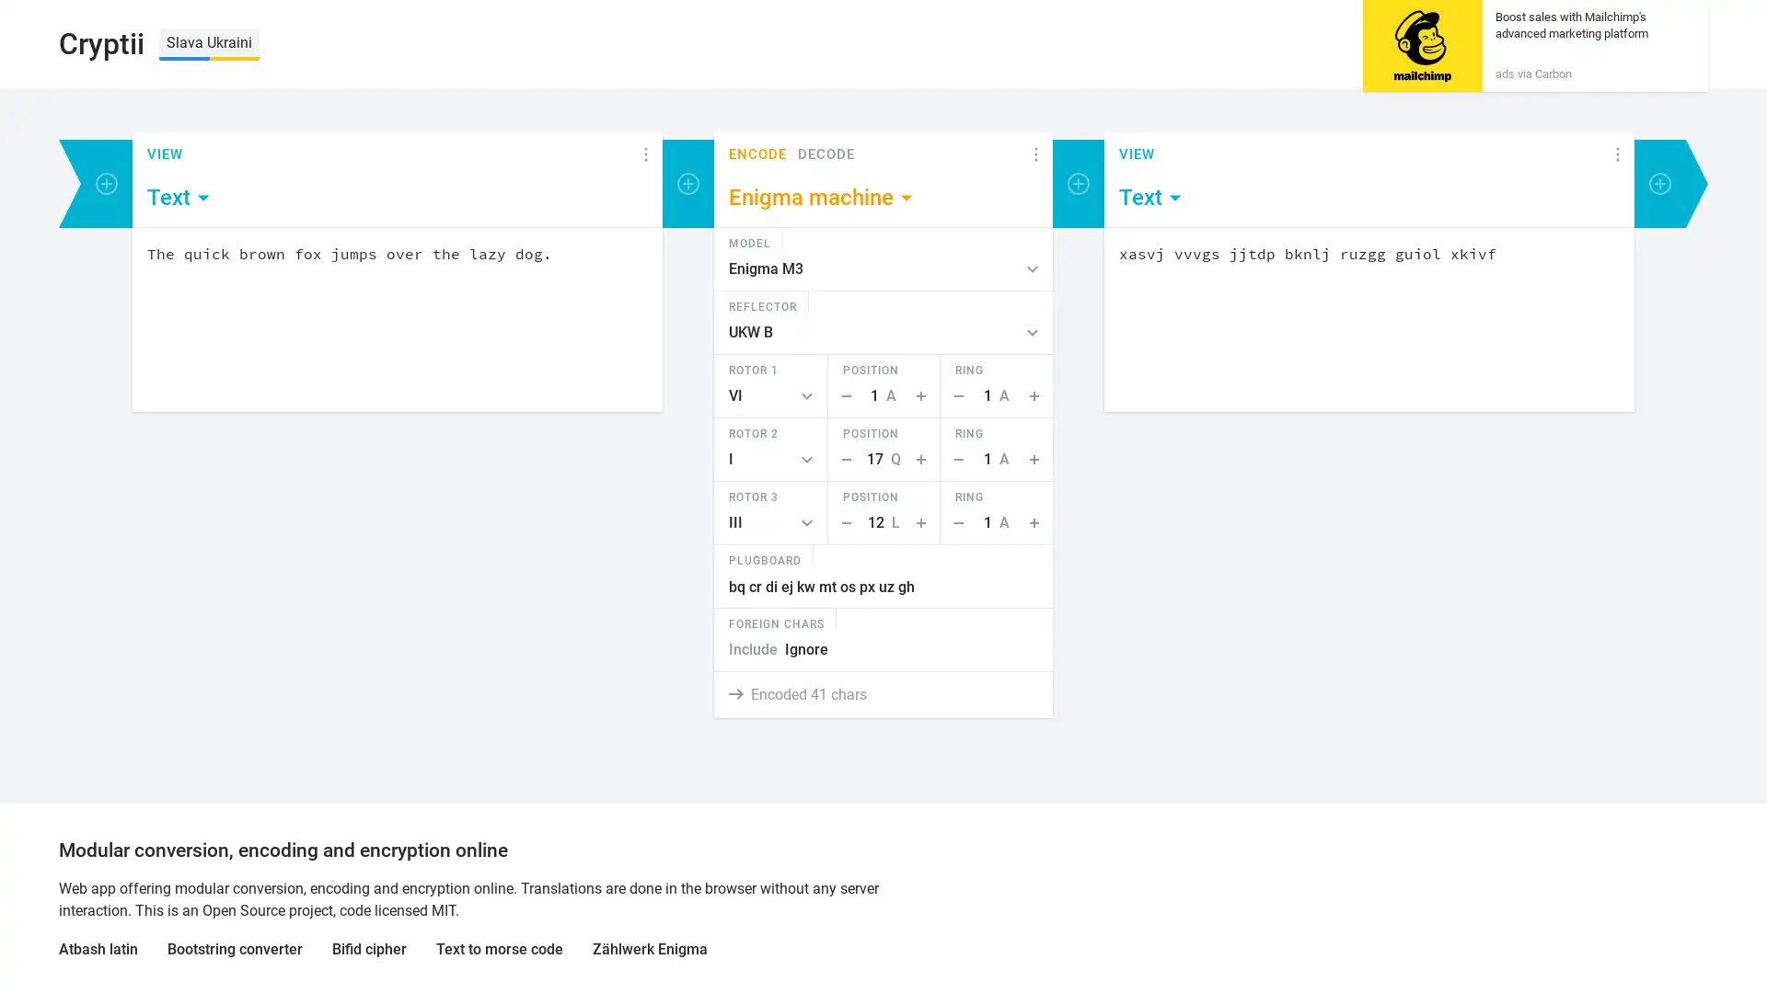 The height and width of the screenshot is (993, 1767). I want to click on Step Down, so click(954, 395).